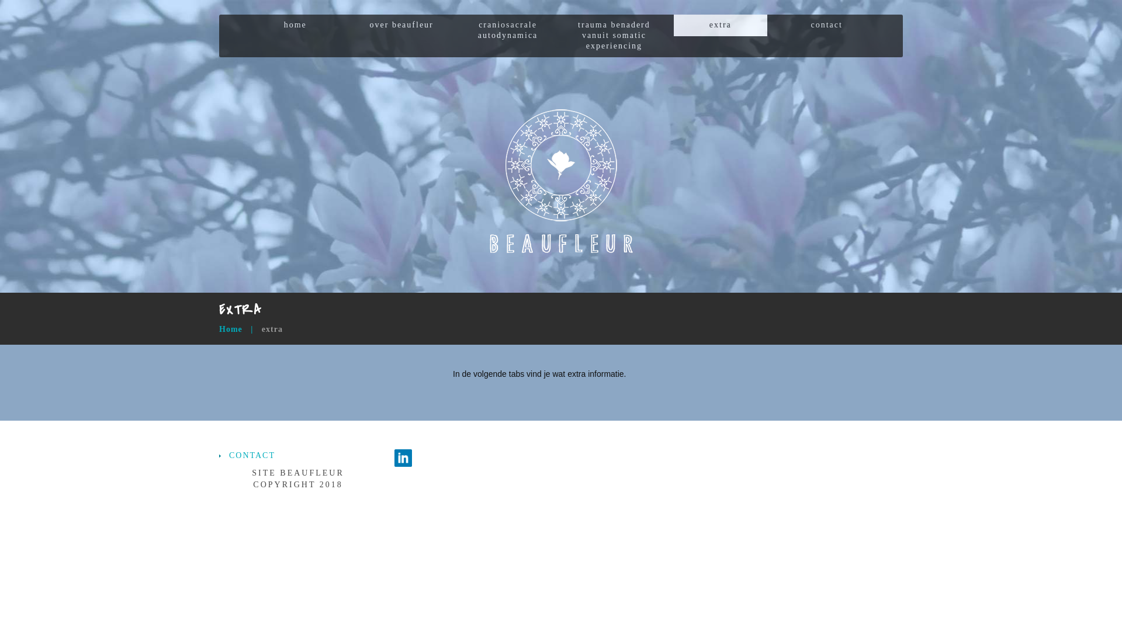 The width and height of the screenshot is (1122, 631). What do you see at coordinates (401, 25) in the screenshot?
I see `'over beaufleur'` at bounding box center [401, 25].